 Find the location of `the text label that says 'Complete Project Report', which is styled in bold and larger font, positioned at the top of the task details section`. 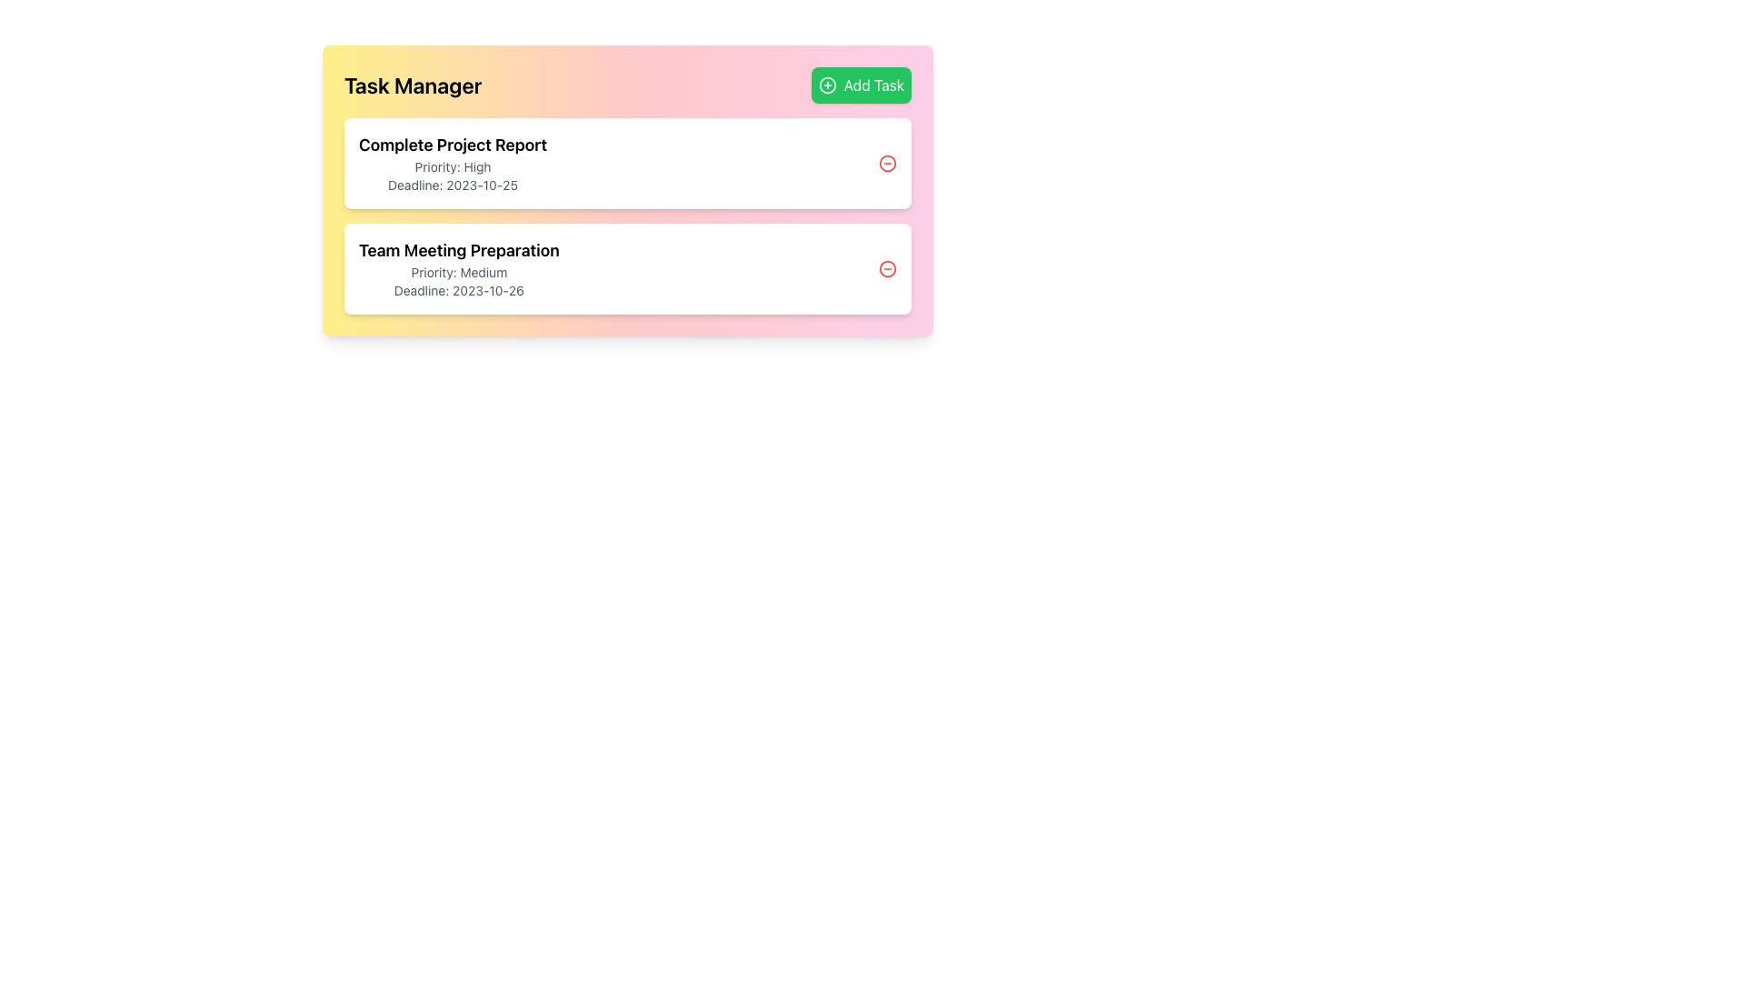

the text label that says 'Complete Project Report', which is styled in bold and larger font, positioned at the top of the task details section is located at coordinates (453, 144).